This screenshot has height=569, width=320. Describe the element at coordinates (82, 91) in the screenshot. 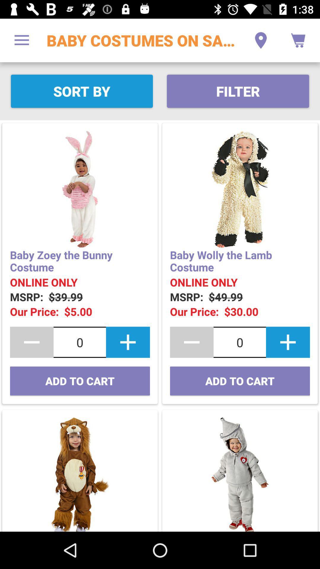

I see `the icon next to filter item` at that location.